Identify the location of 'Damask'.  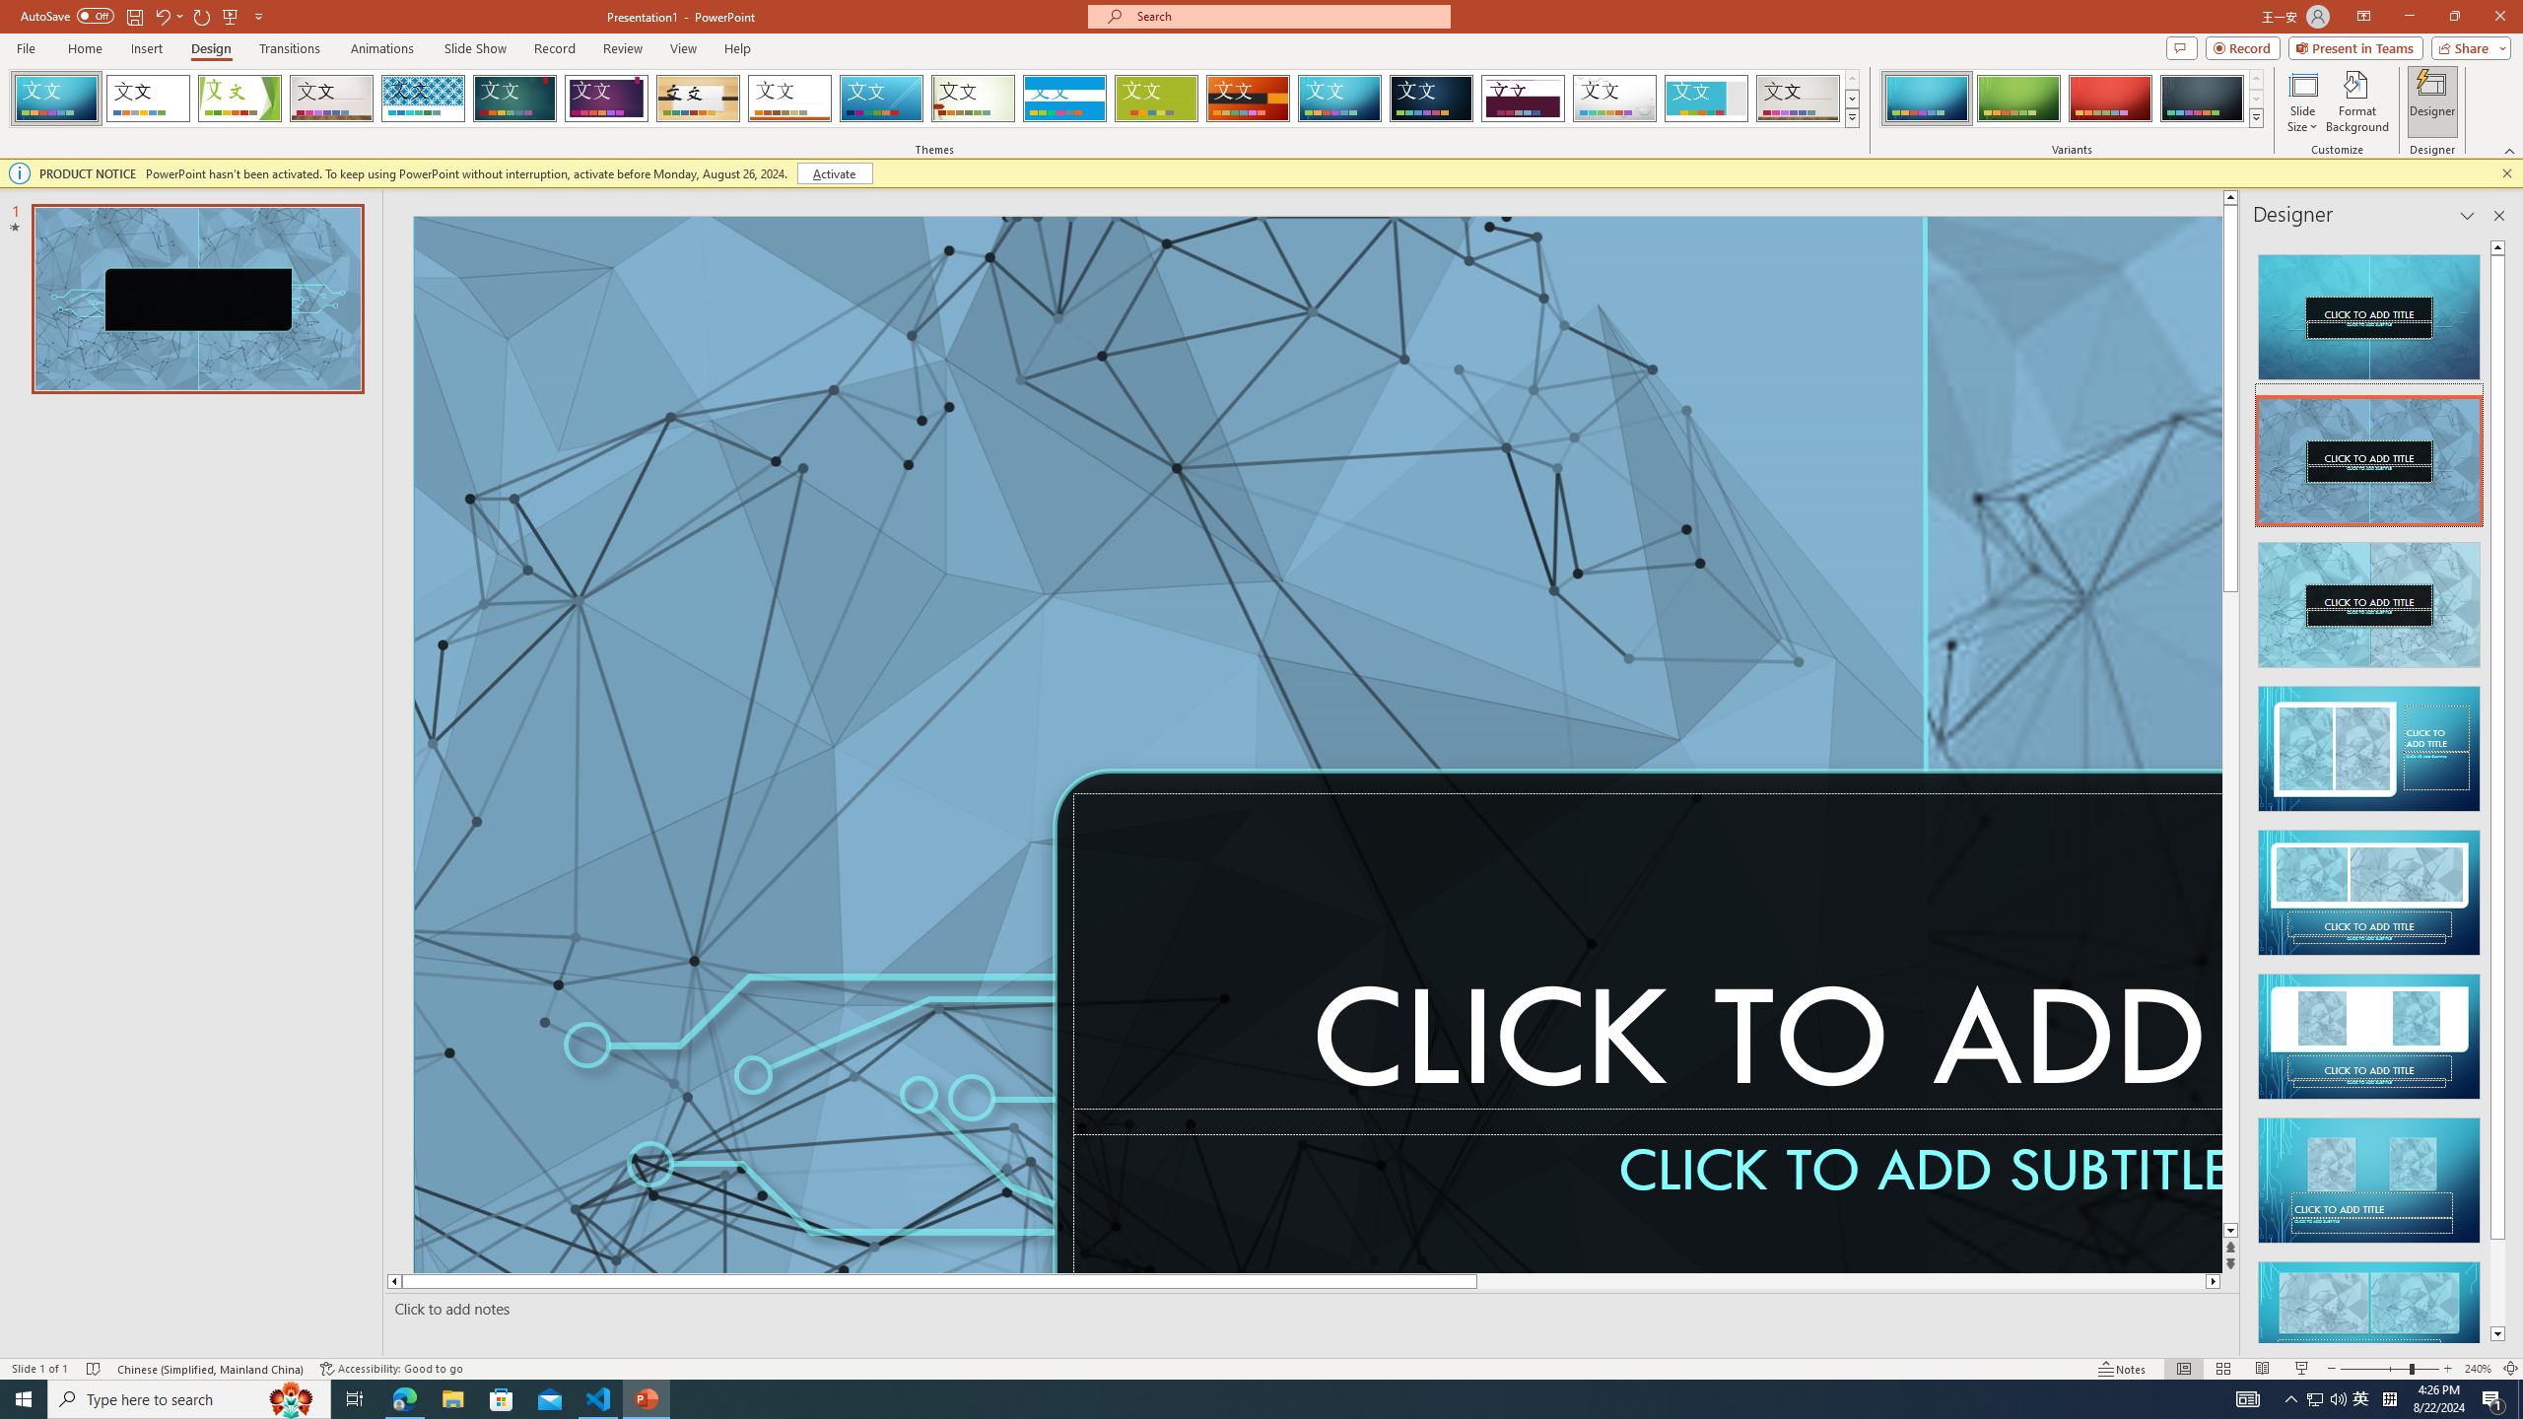
(1430, 98).